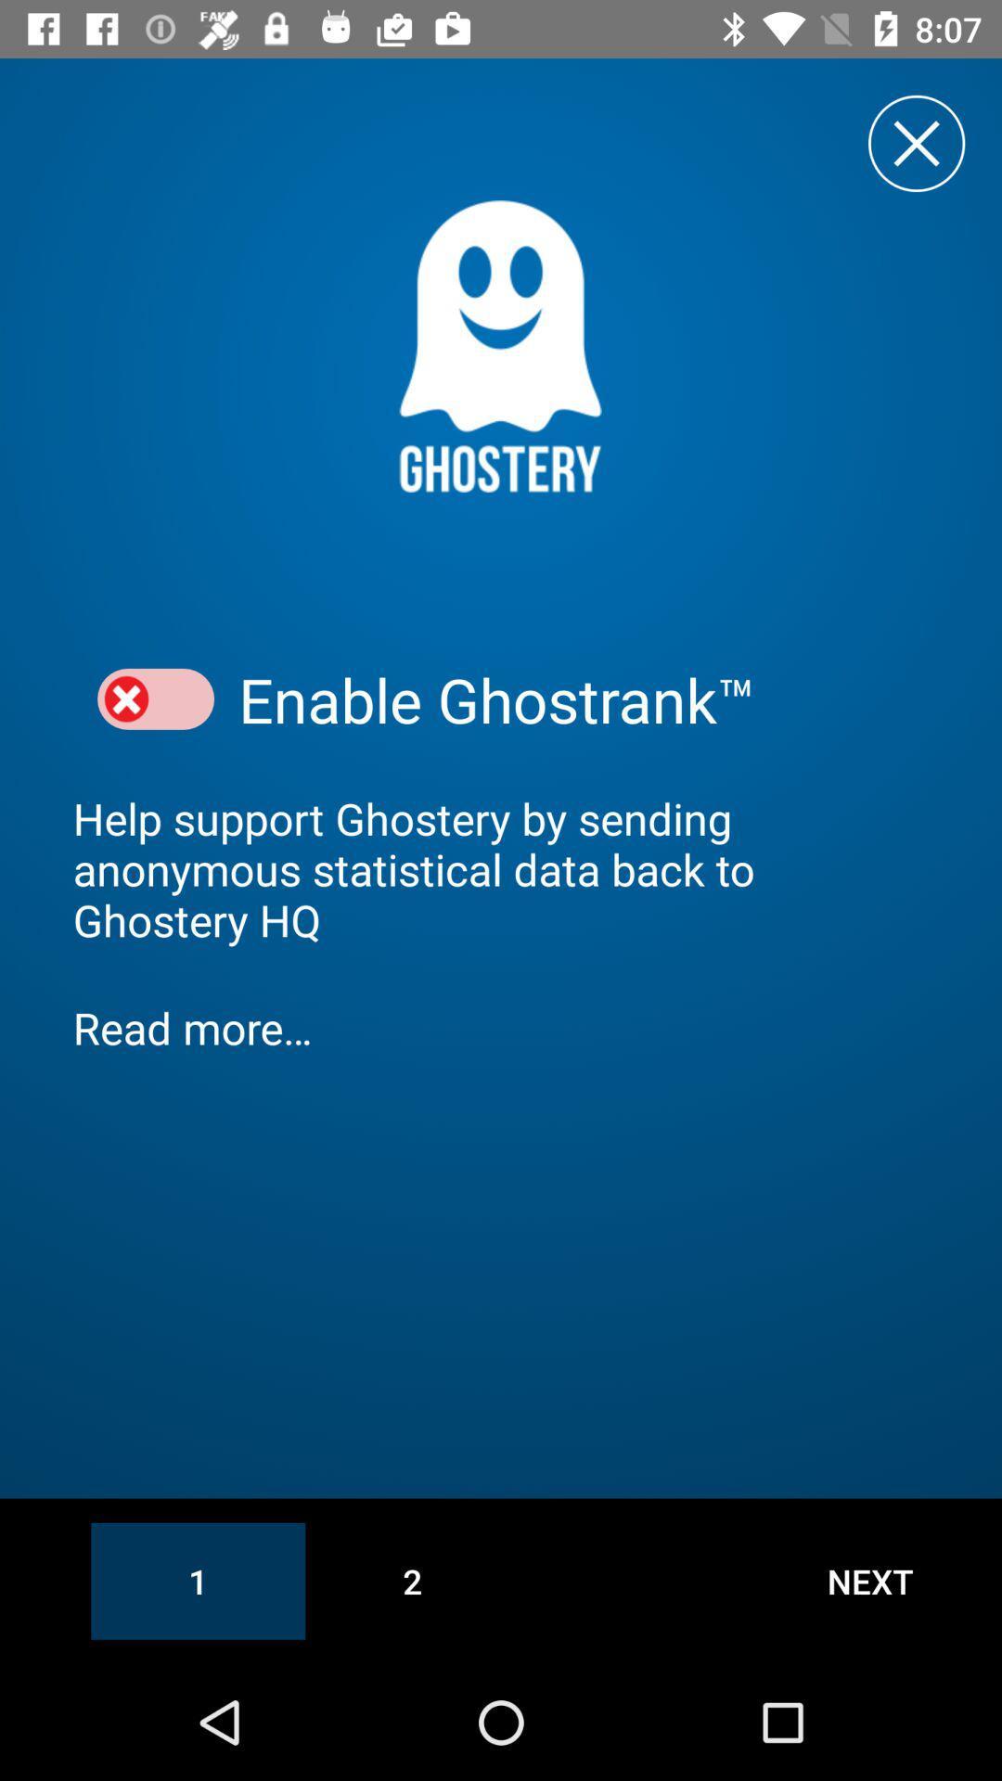 This screenshot has width=1002, height=1781. What do you see at coordinates (411, 1580) in the screenshot?
I see `the item next to the 1` at bounding box center [411, 1580].